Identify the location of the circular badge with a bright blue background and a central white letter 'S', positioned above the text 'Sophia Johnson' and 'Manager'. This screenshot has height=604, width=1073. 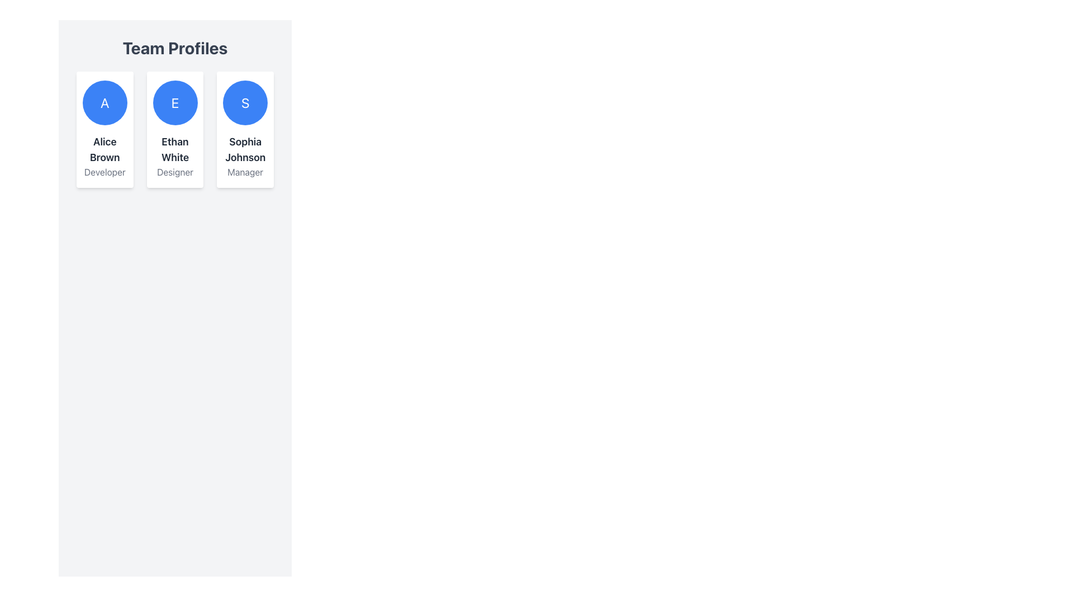
(245, 103).